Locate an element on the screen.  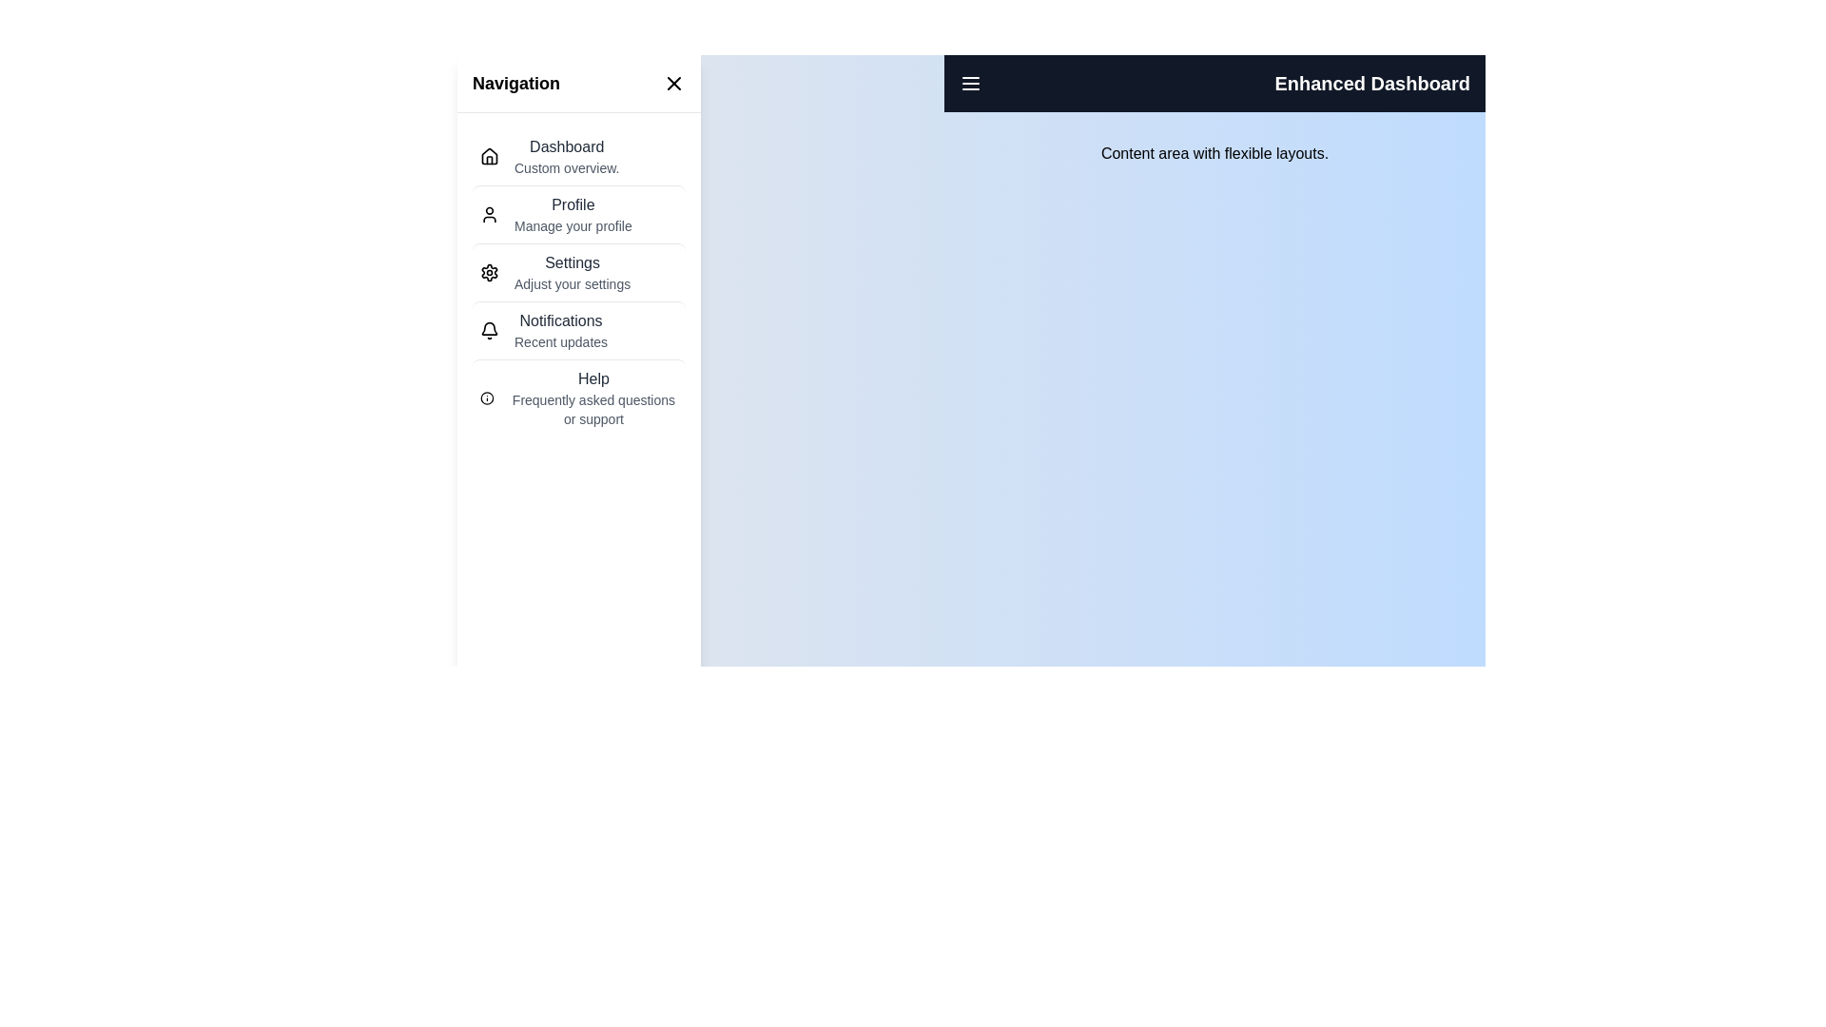
the 'Settings' navigation item in the vertical menu is located at coordinates (572, 272).